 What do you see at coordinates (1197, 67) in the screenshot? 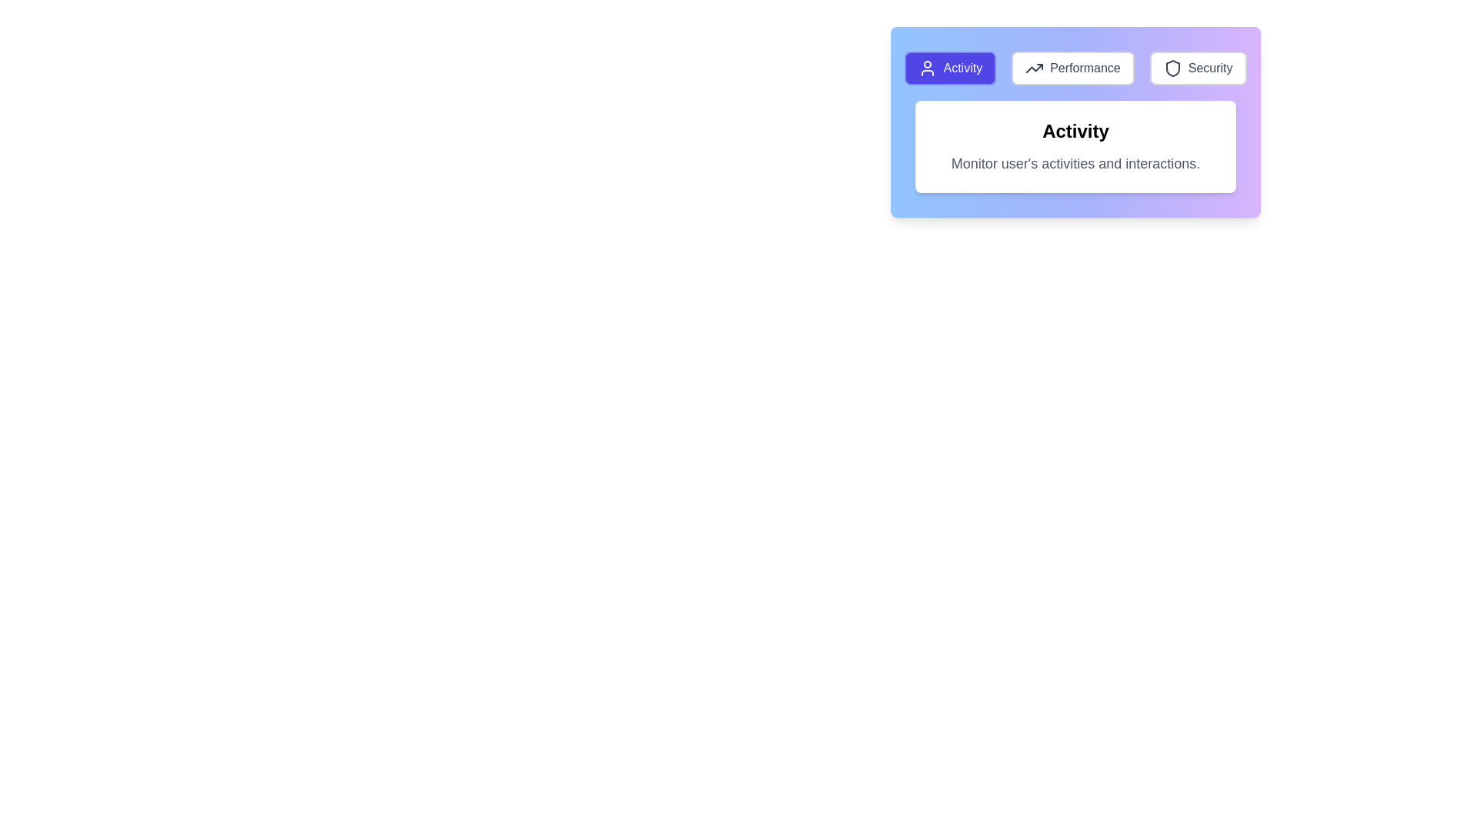
I see `the 'Security' button located at the far right of the horizontal navigation bar` at bounding box center [1197, 67].